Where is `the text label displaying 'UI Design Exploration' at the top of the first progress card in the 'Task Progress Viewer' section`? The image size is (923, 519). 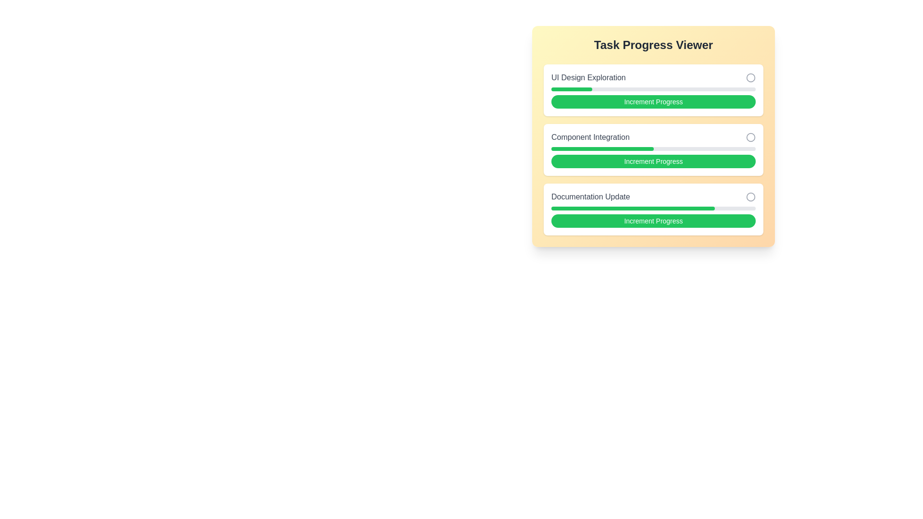 the text label displaying 'UI Design Exploration' at the top of the first progress card in the 'Task Progress Viewer' section is located at coordinates (588, 77).